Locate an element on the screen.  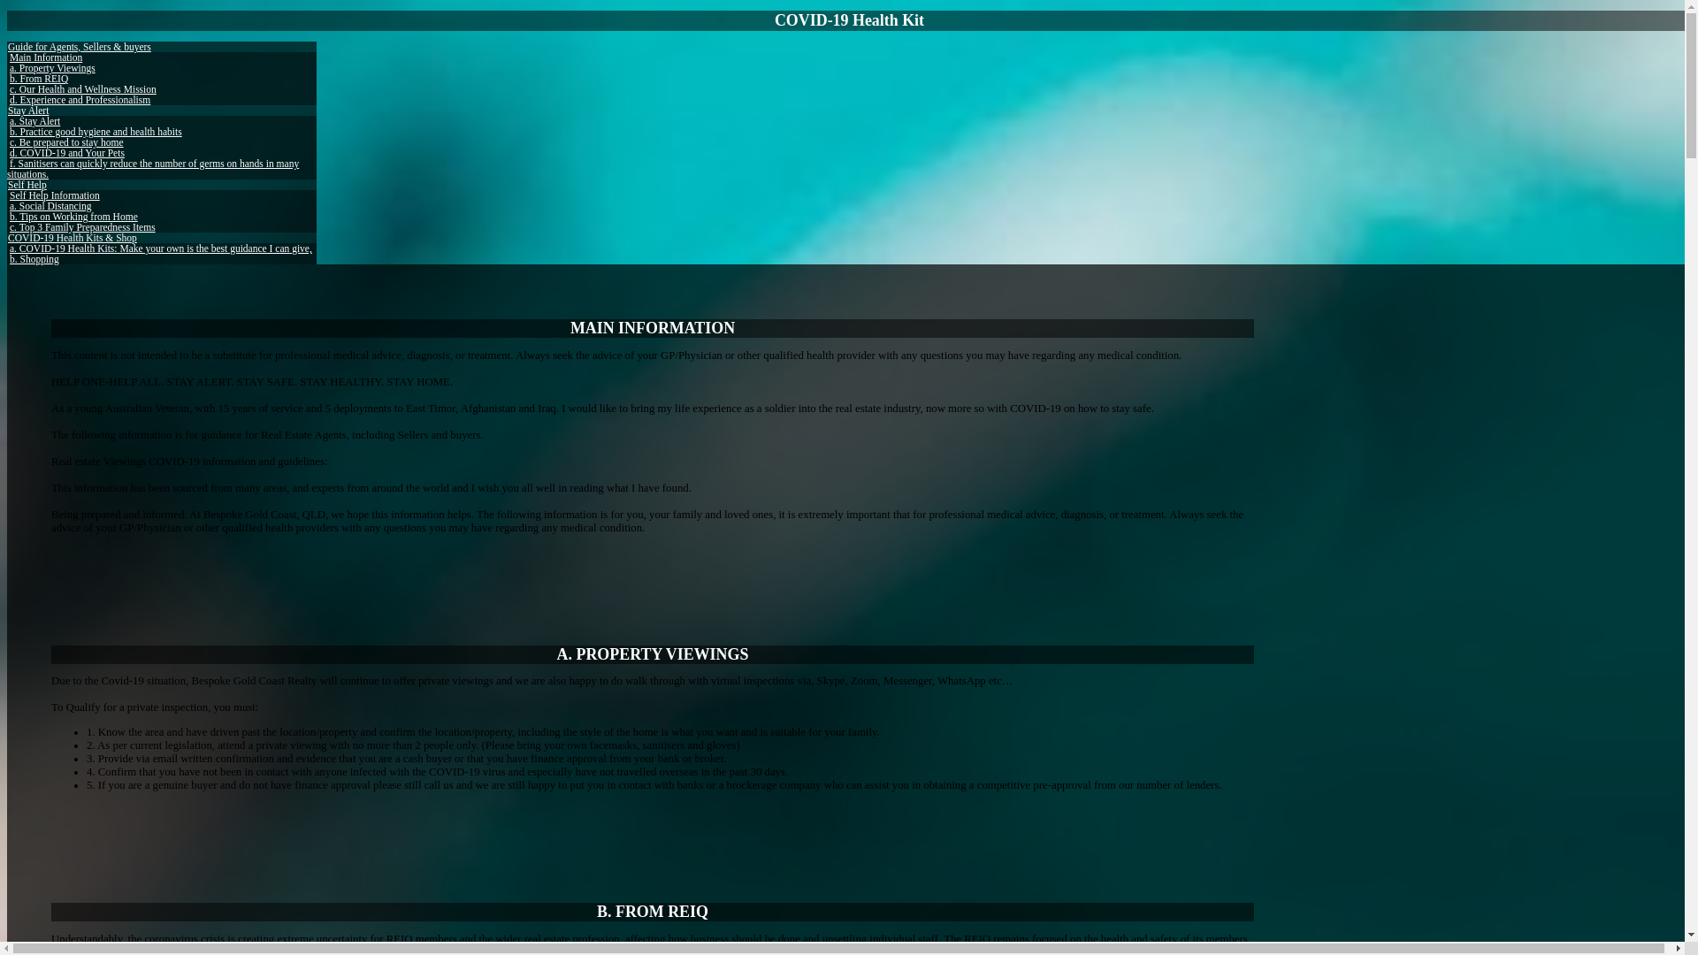
'b. From REIQ' is located at coordinates (38, 77).